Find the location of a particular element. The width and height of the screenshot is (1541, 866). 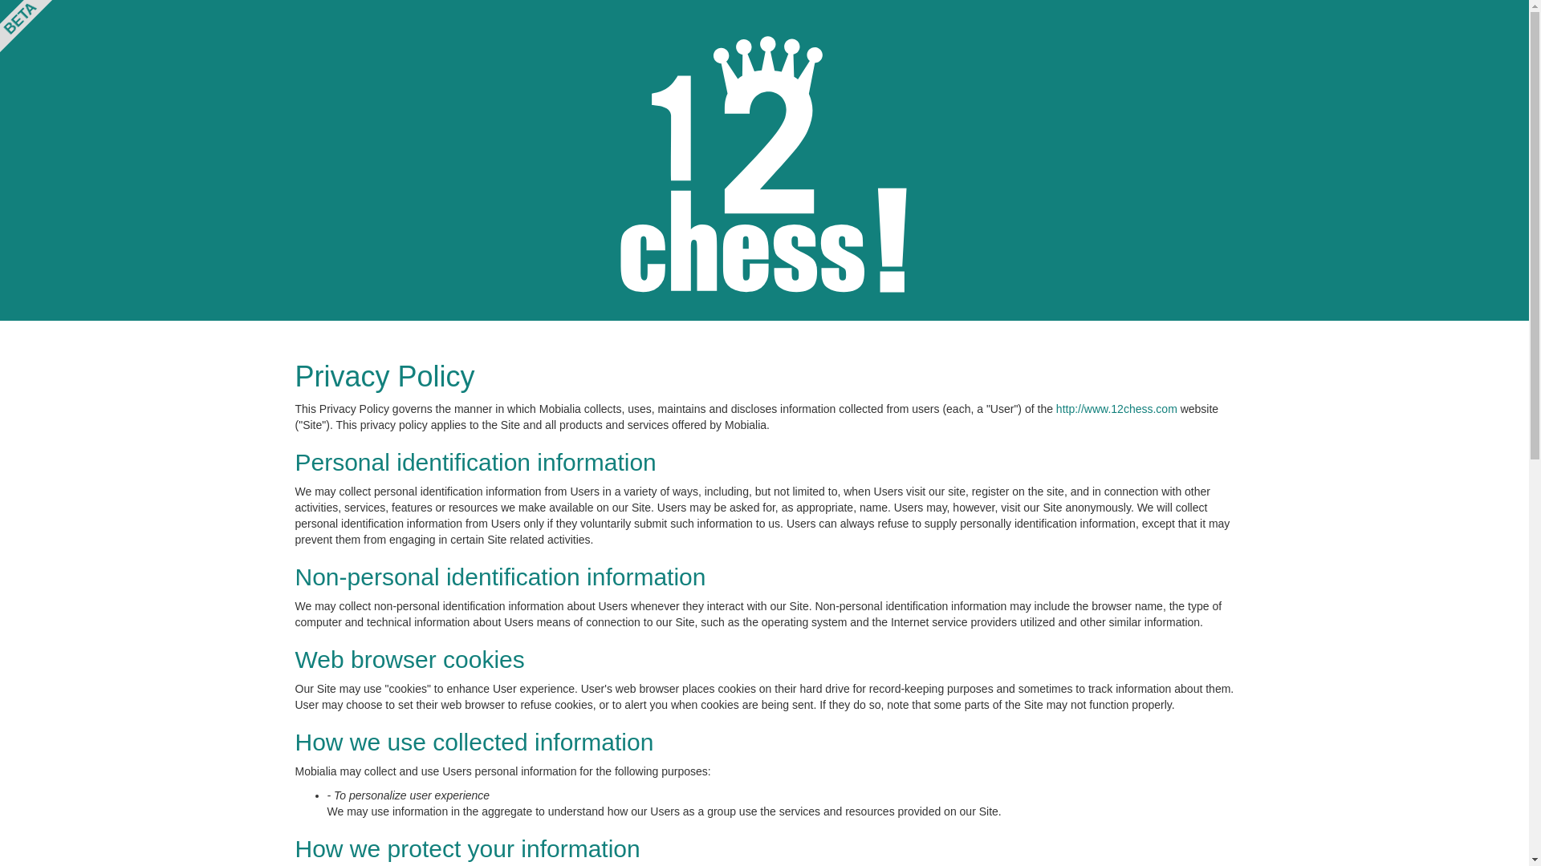

'http://www.12chess.com' is located at coordinates (1116, 407).